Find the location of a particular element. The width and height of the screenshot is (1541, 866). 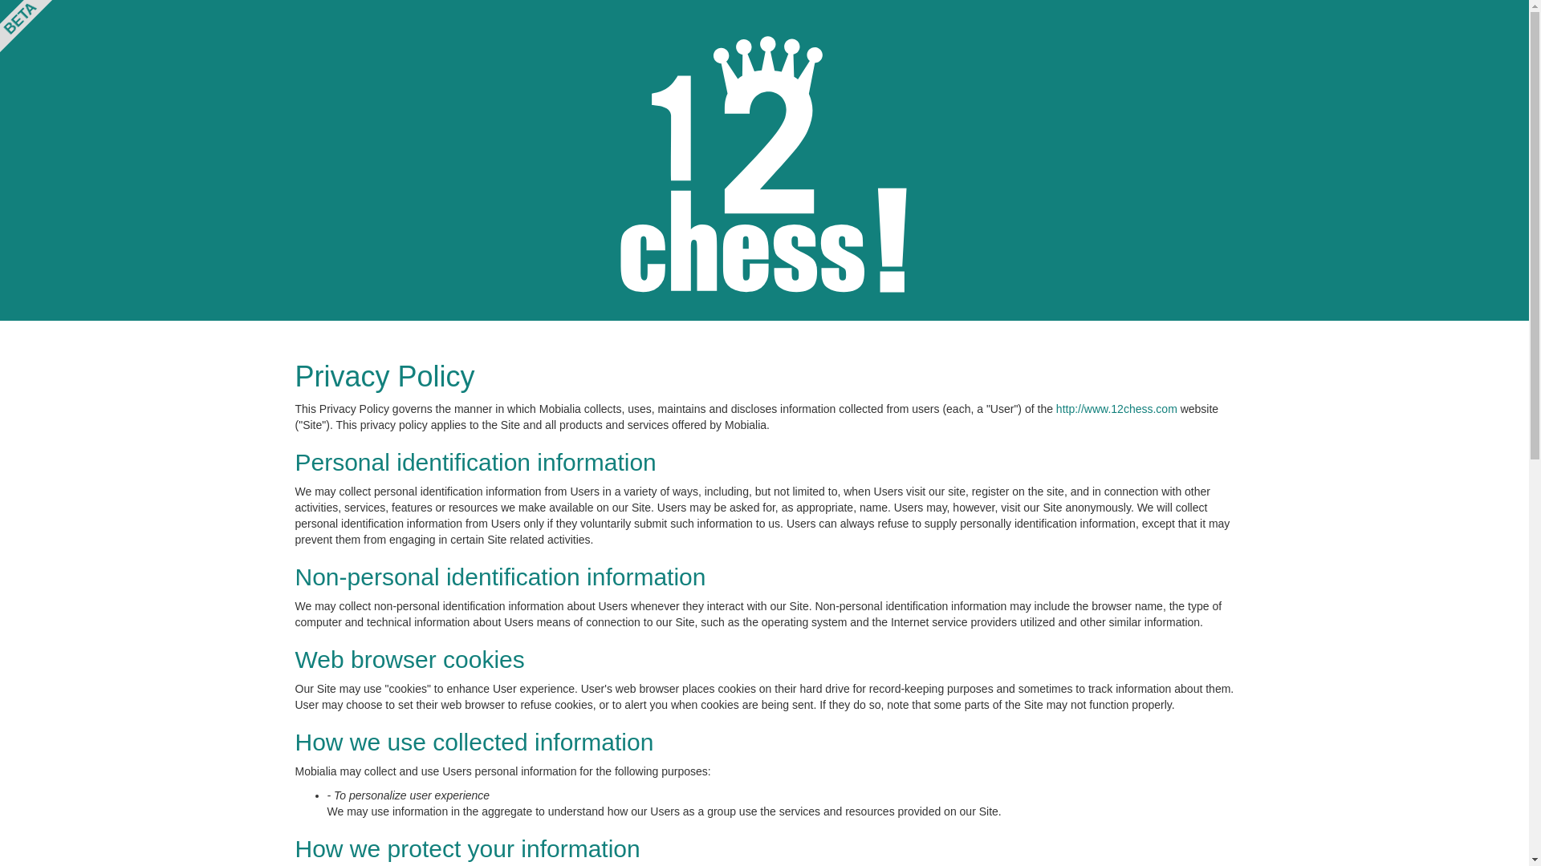

'http://www.12chess.com' is located at coordinates (1116, 407).